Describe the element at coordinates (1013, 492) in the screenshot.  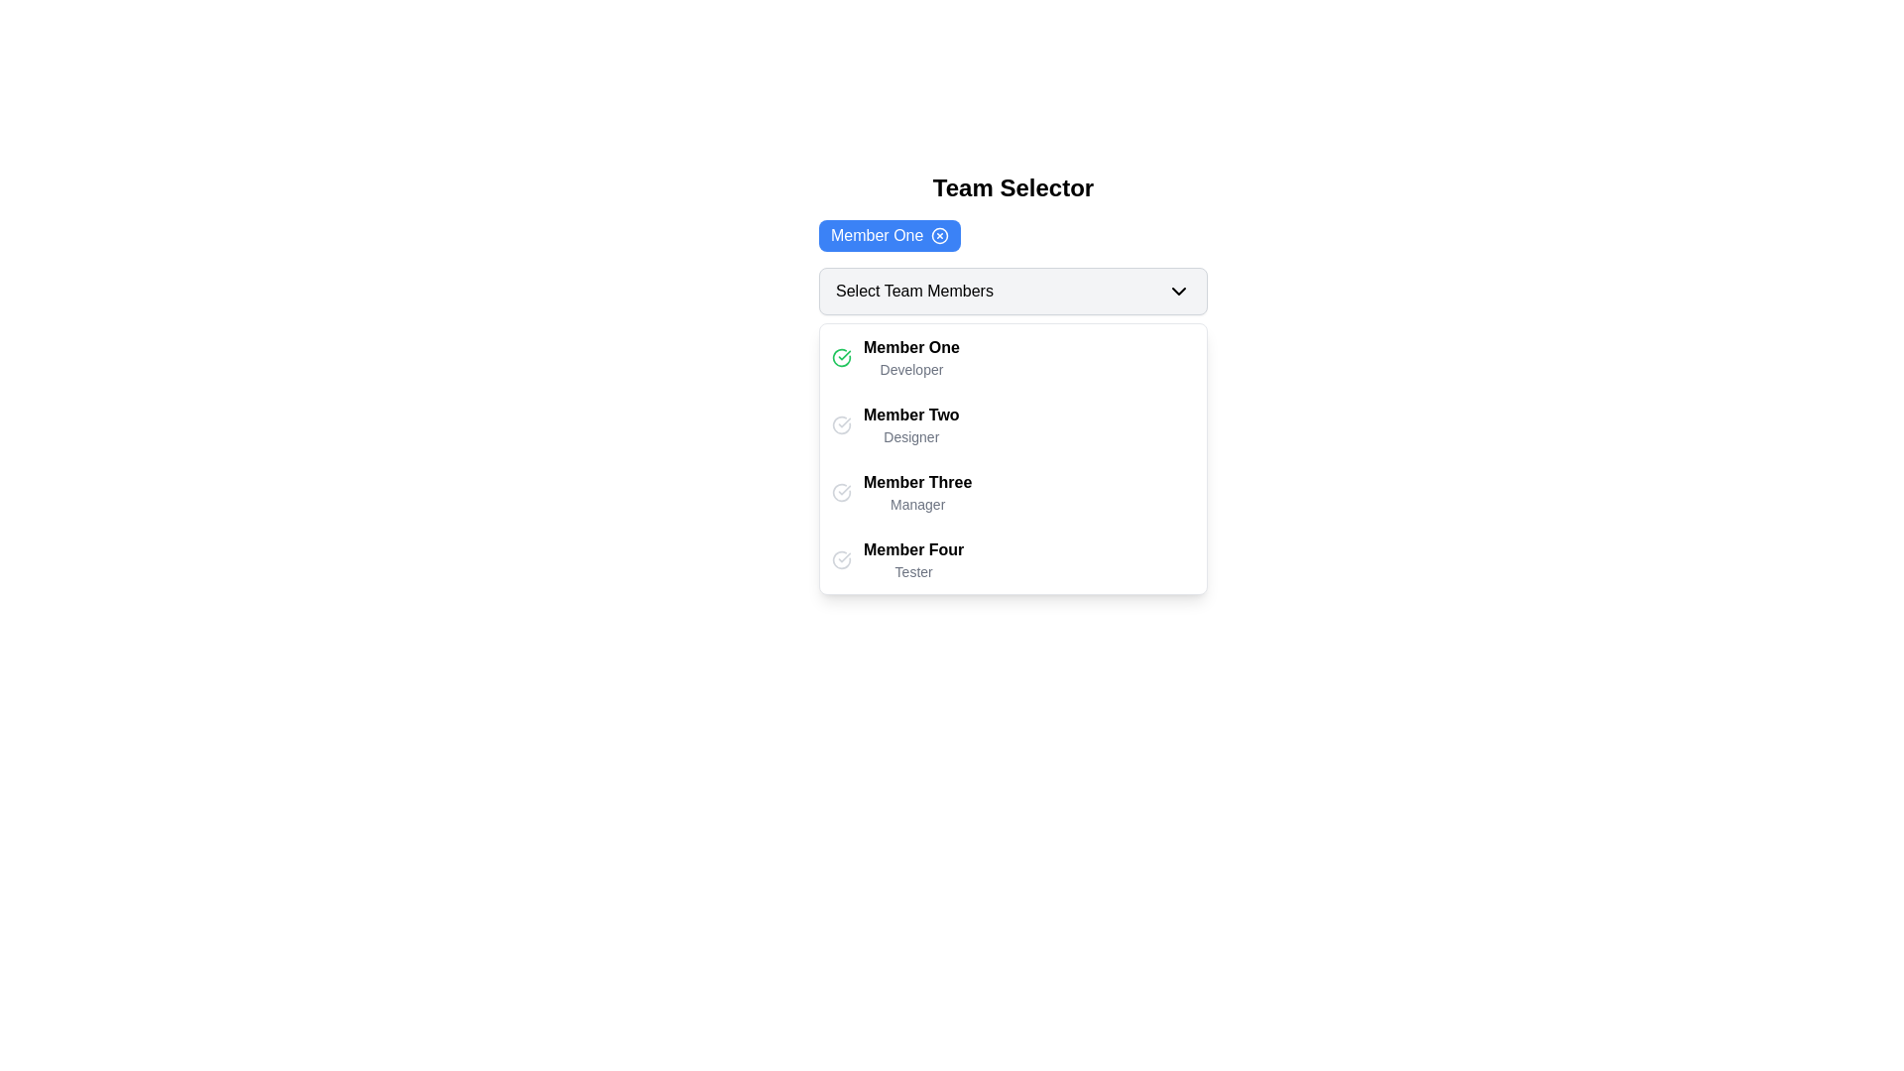
I see `the third list item labeled 'Member Three' under the 'Select Team Members' dropdown menu` at that location.